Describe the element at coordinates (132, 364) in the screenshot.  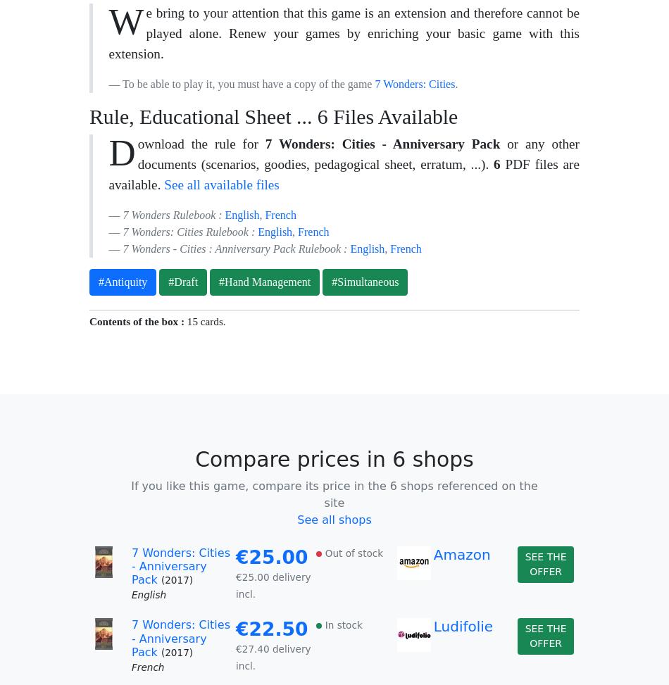
I see `'Distributors'` at that location.